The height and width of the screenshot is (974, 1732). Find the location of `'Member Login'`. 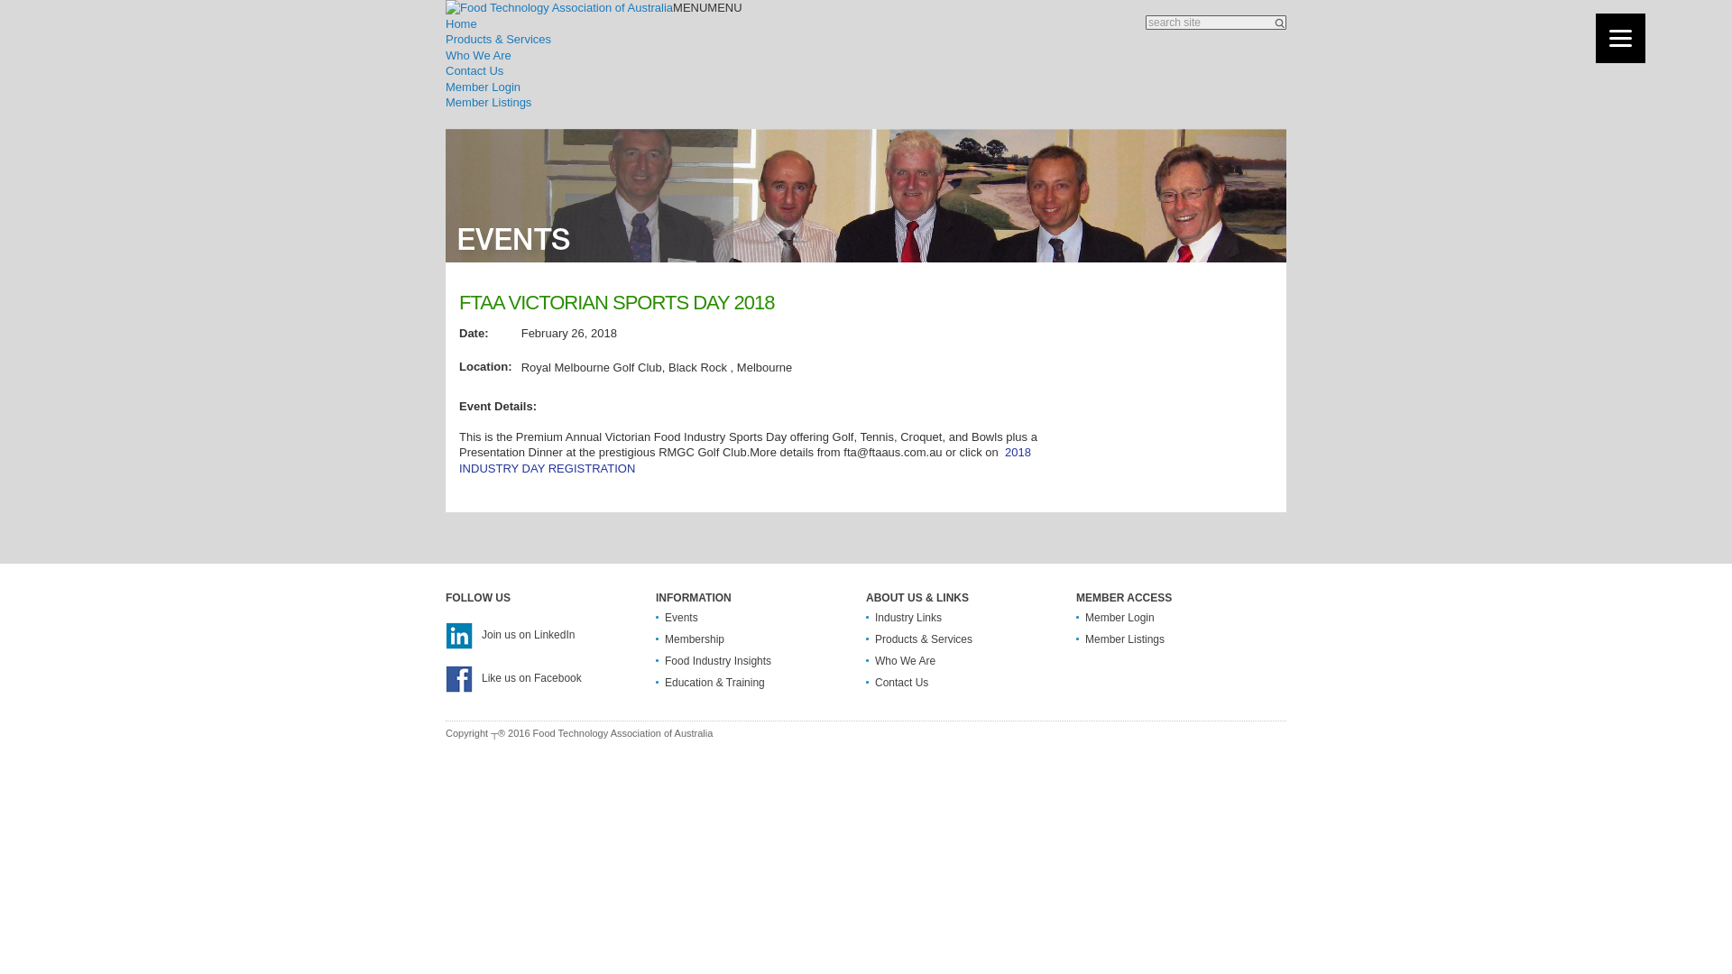

'Member Login' is located at coordinates (1084, 617).